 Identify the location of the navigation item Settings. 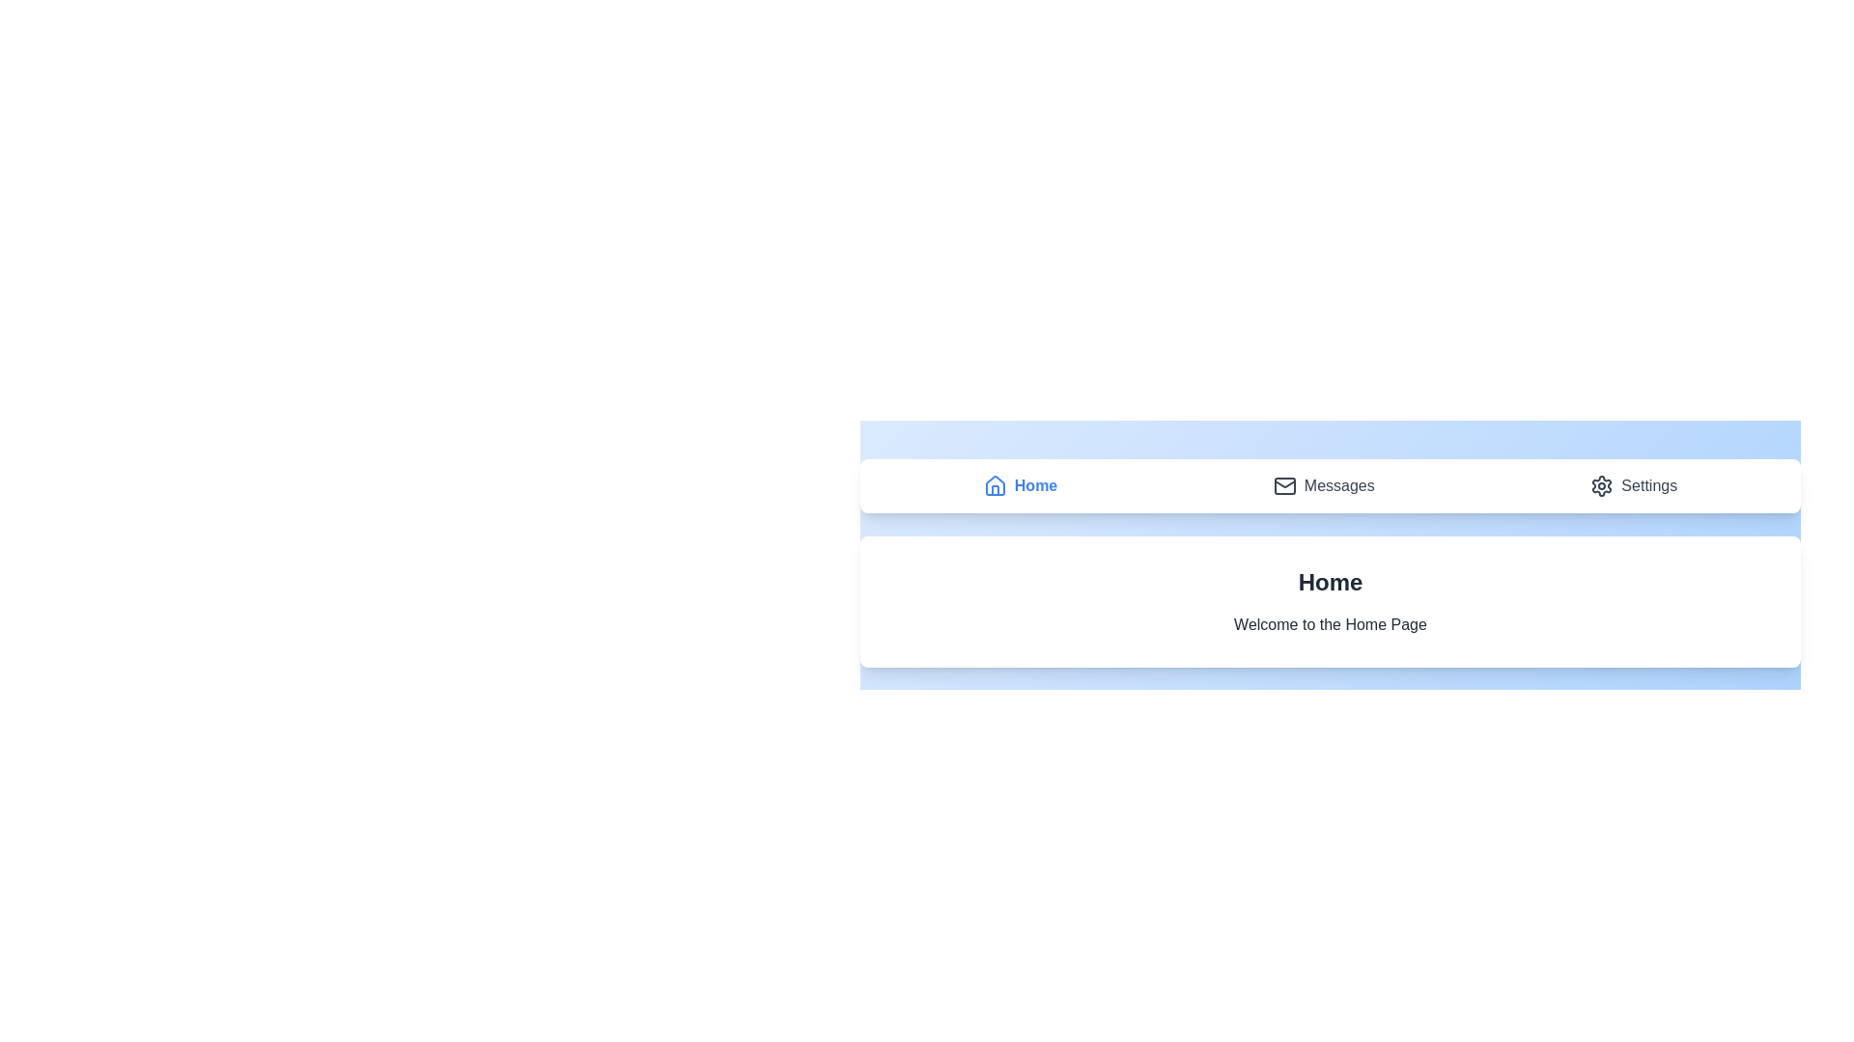
(1632, 485).